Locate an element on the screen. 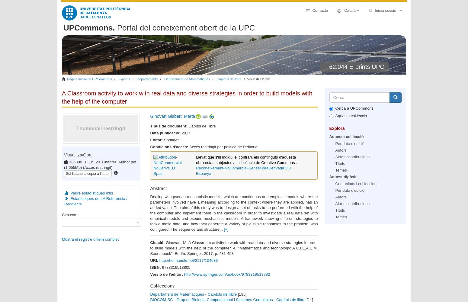 The width and height of the screenshot is (468, 302). 'Cita com:' is located at coordinates (70, 214).